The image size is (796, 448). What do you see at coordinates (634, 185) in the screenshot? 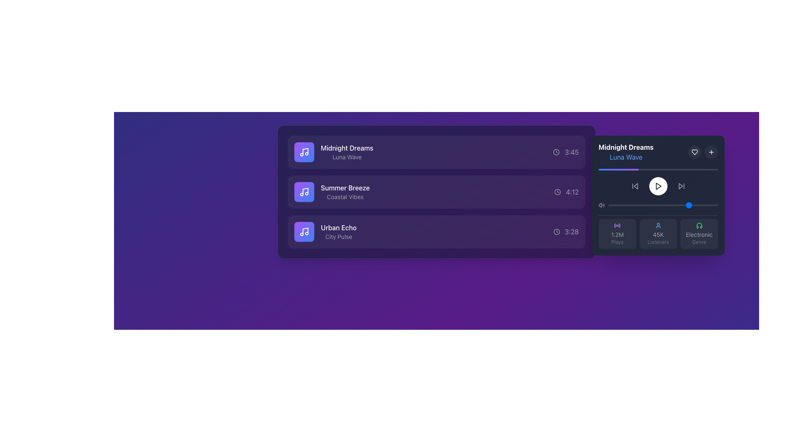
I see `the skip-backward button, which is the leftmost circular media control icon in the media control section on the right-hand side of the interface, to move to the previous track` at bounding box center [634, 185].